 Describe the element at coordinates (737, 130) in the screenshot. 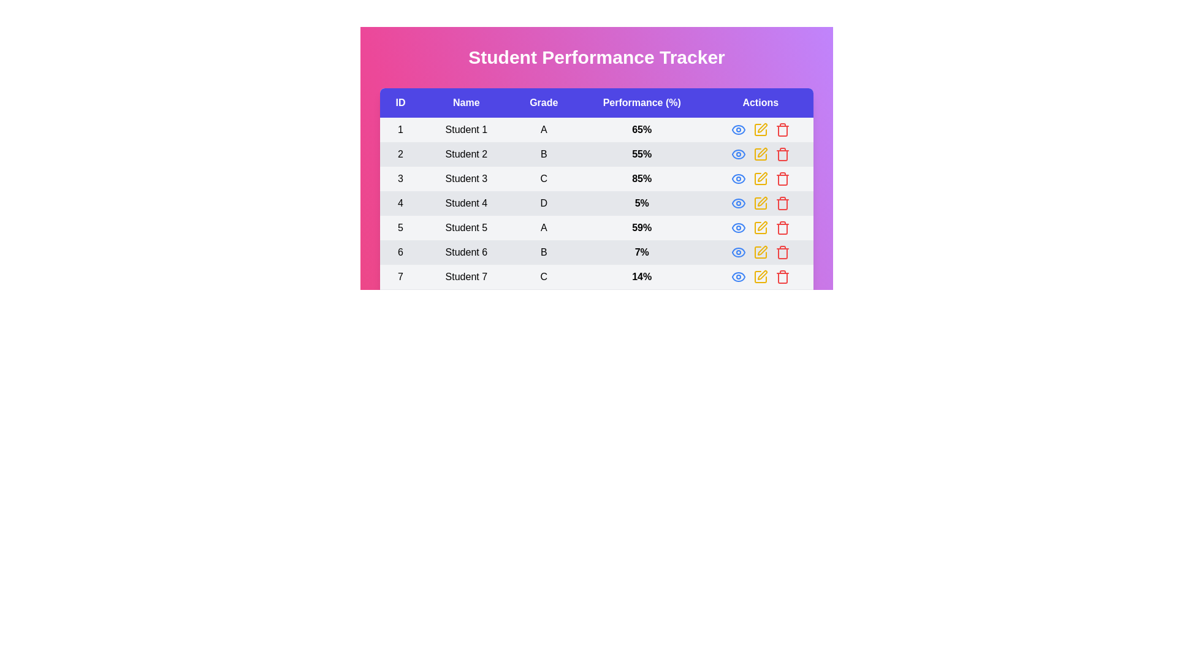

I see `'eye' icon in the 'Actions' column for the student with ID 1` at that location.